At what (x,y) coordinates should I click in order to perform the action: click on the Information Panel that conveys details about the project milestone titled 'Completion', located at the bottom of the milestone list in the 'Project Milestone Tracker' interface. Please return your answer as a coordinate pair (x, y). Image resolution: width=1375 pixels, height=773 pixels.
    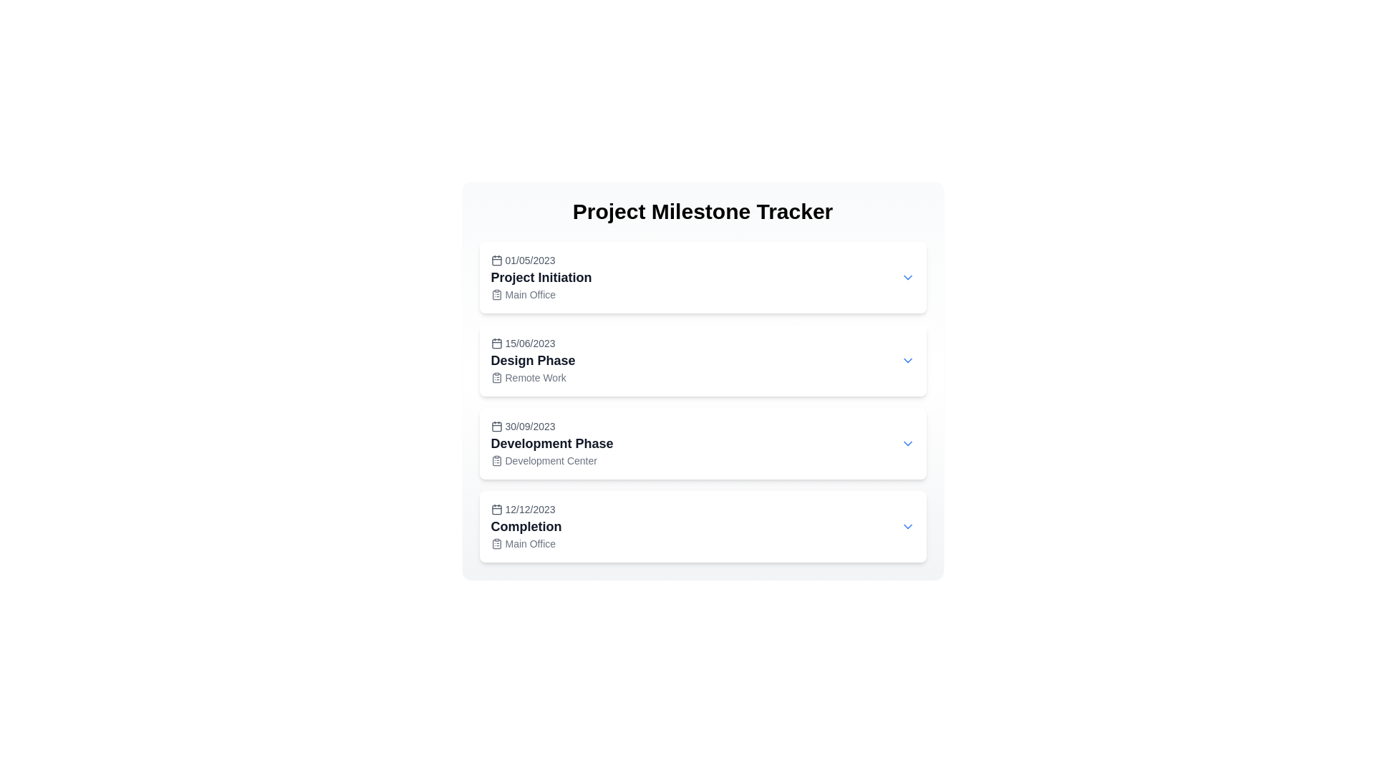
    Looking at the image, I should click on (703, 527).